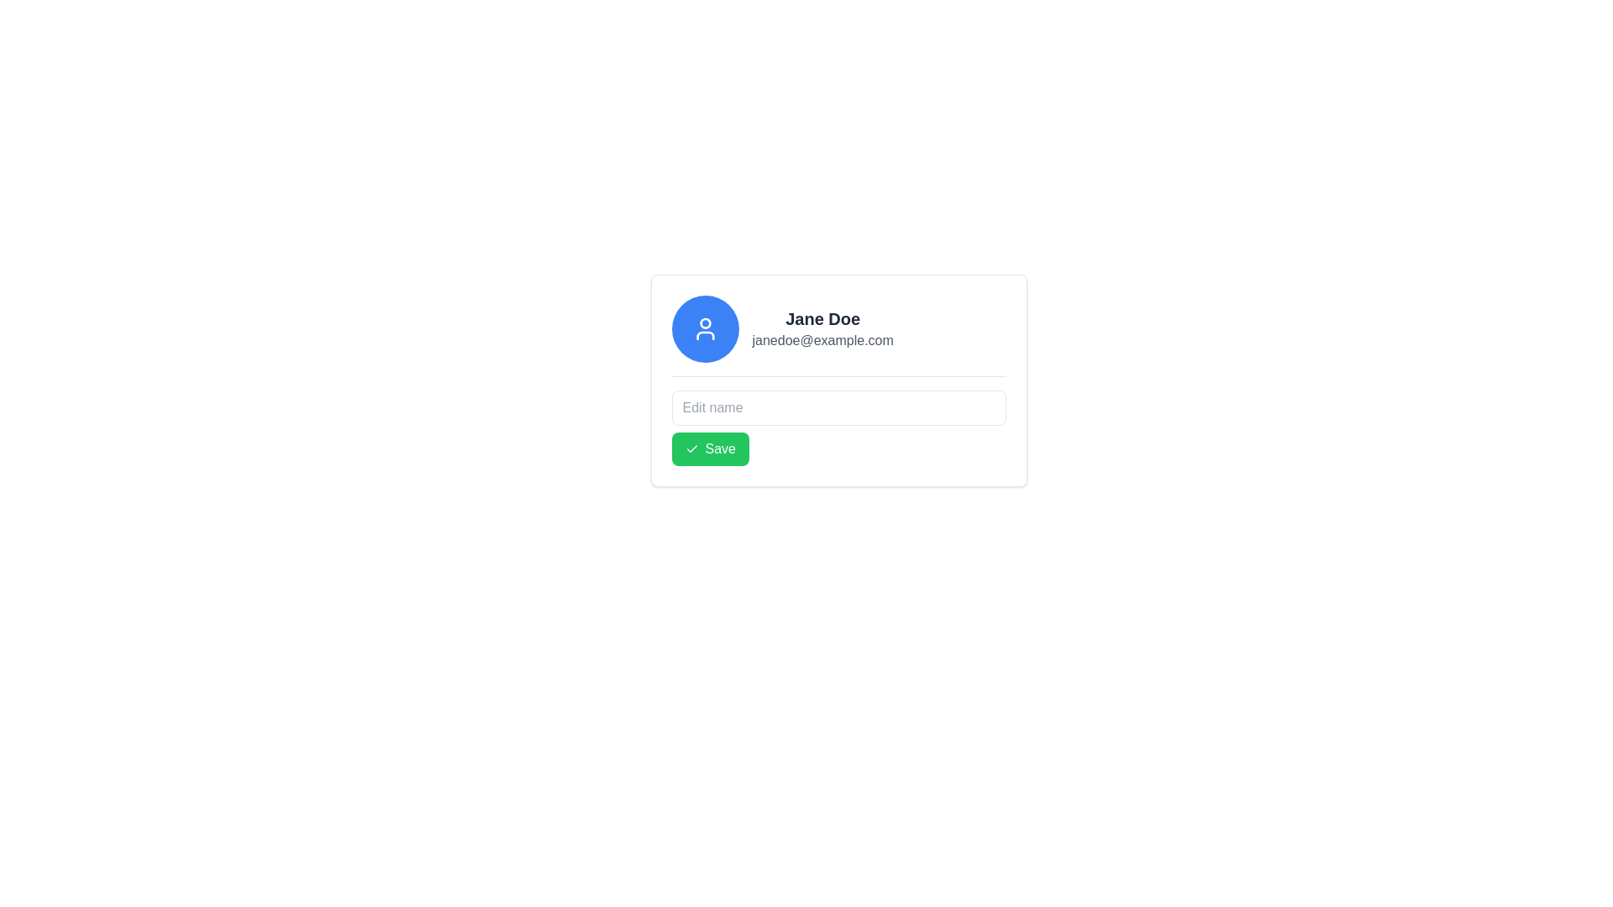 The image size is (1613, 907). What do you see at coordinates (822, 329) in the screenshot?
I see `detailed information displayed in the text block containing the name 'Jane Doe' and the email address 'janedoe@example.com', which is styled with varying font sizes and positioned next to the circular blue avatar icon` at bounding box center [822, 329].